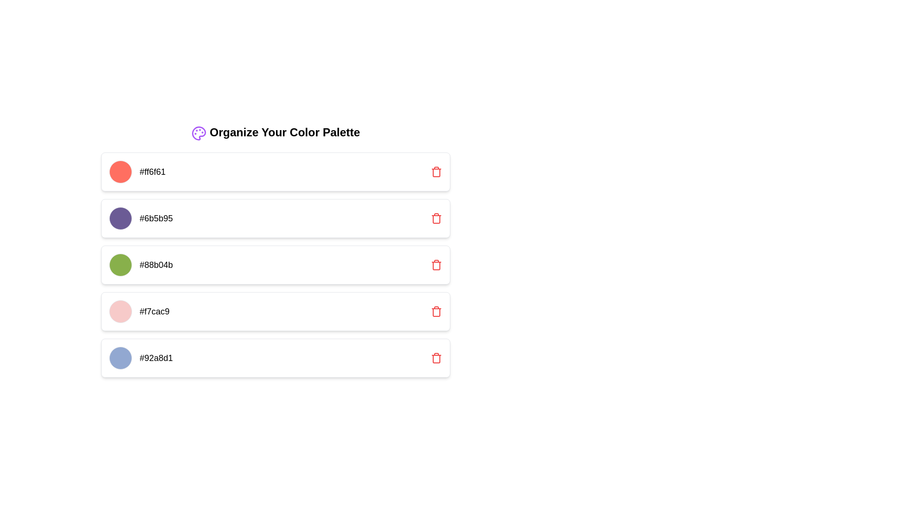 This screenshot has height=513, width=912. I want to click on the Static Text element displaying the color code '#ff6f61', which is styled with a medium font size and in black color, located immediately to the right of a circular color indicator within a white card layout, so click(152, 171).